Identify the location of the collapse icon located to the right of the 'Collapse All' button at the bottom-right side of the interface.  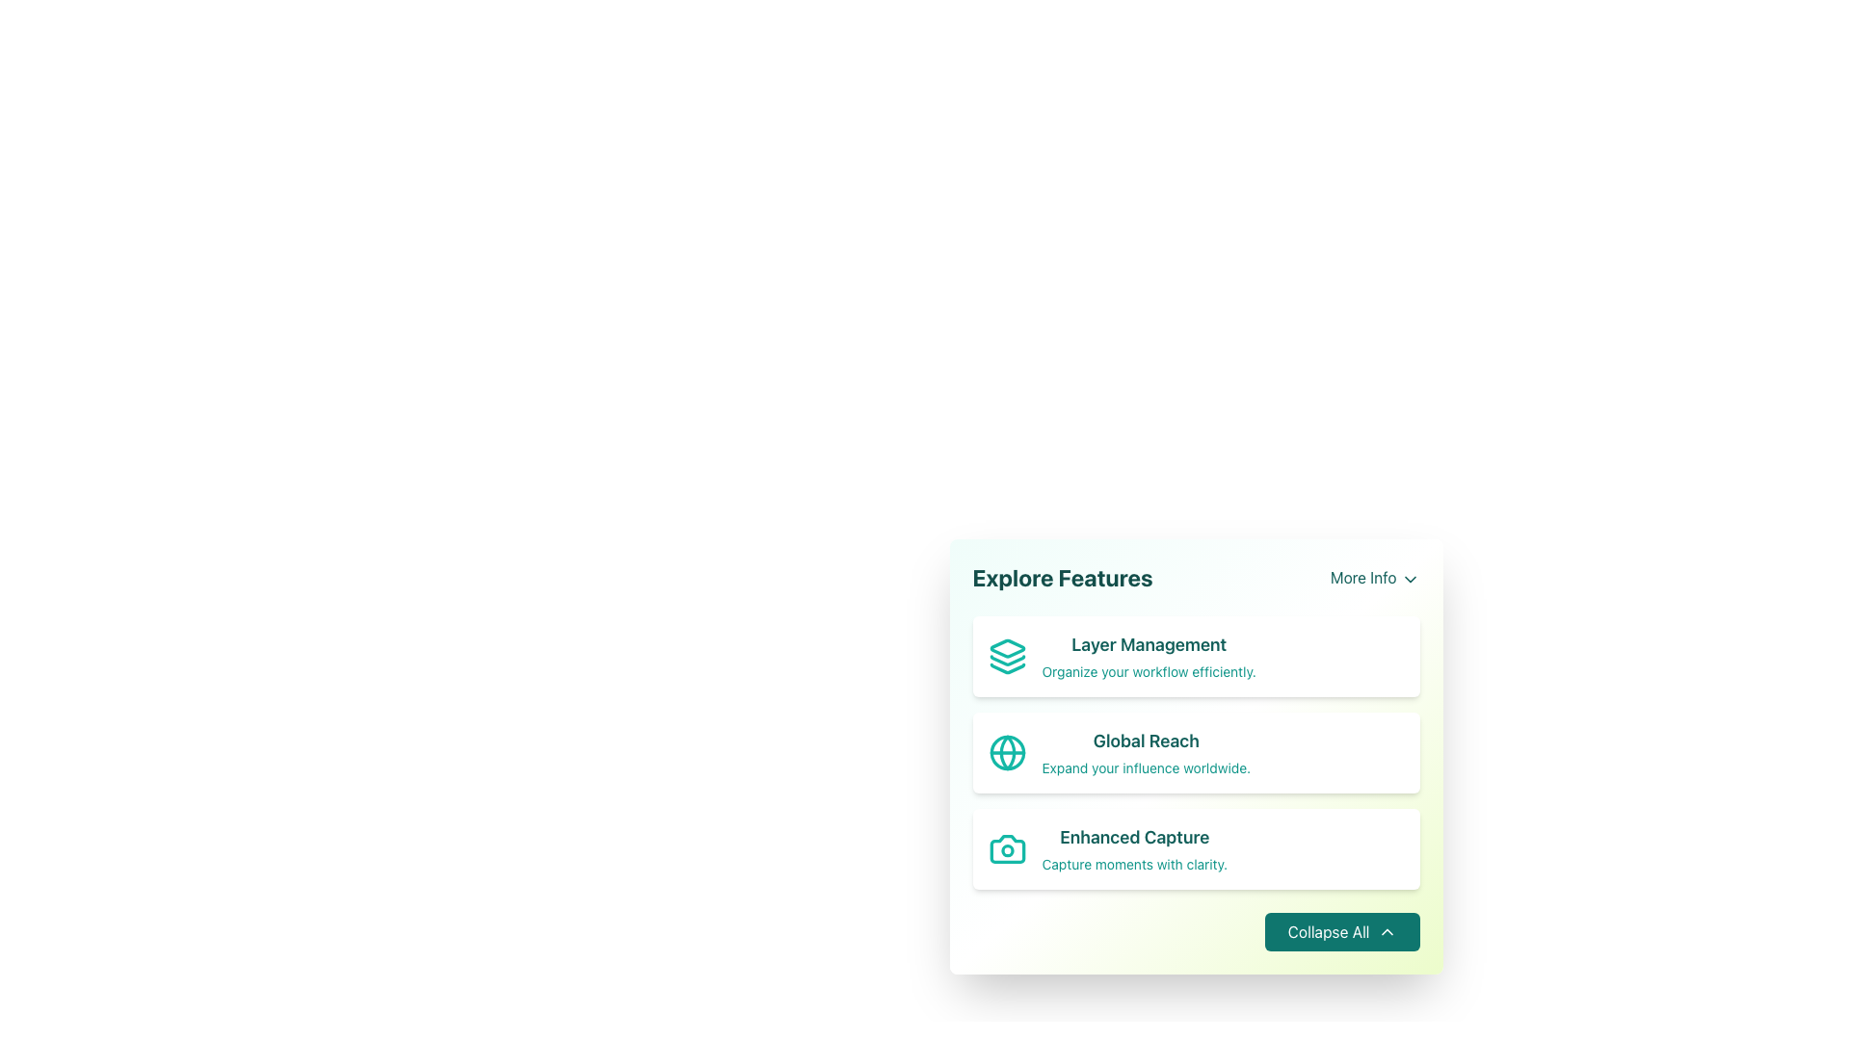
(1386, 931).